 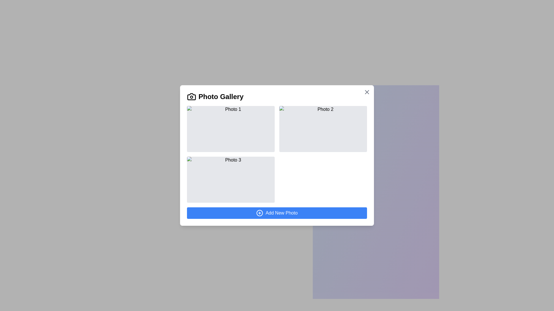 I want to click on the close button located, so click(x=367, y=92).